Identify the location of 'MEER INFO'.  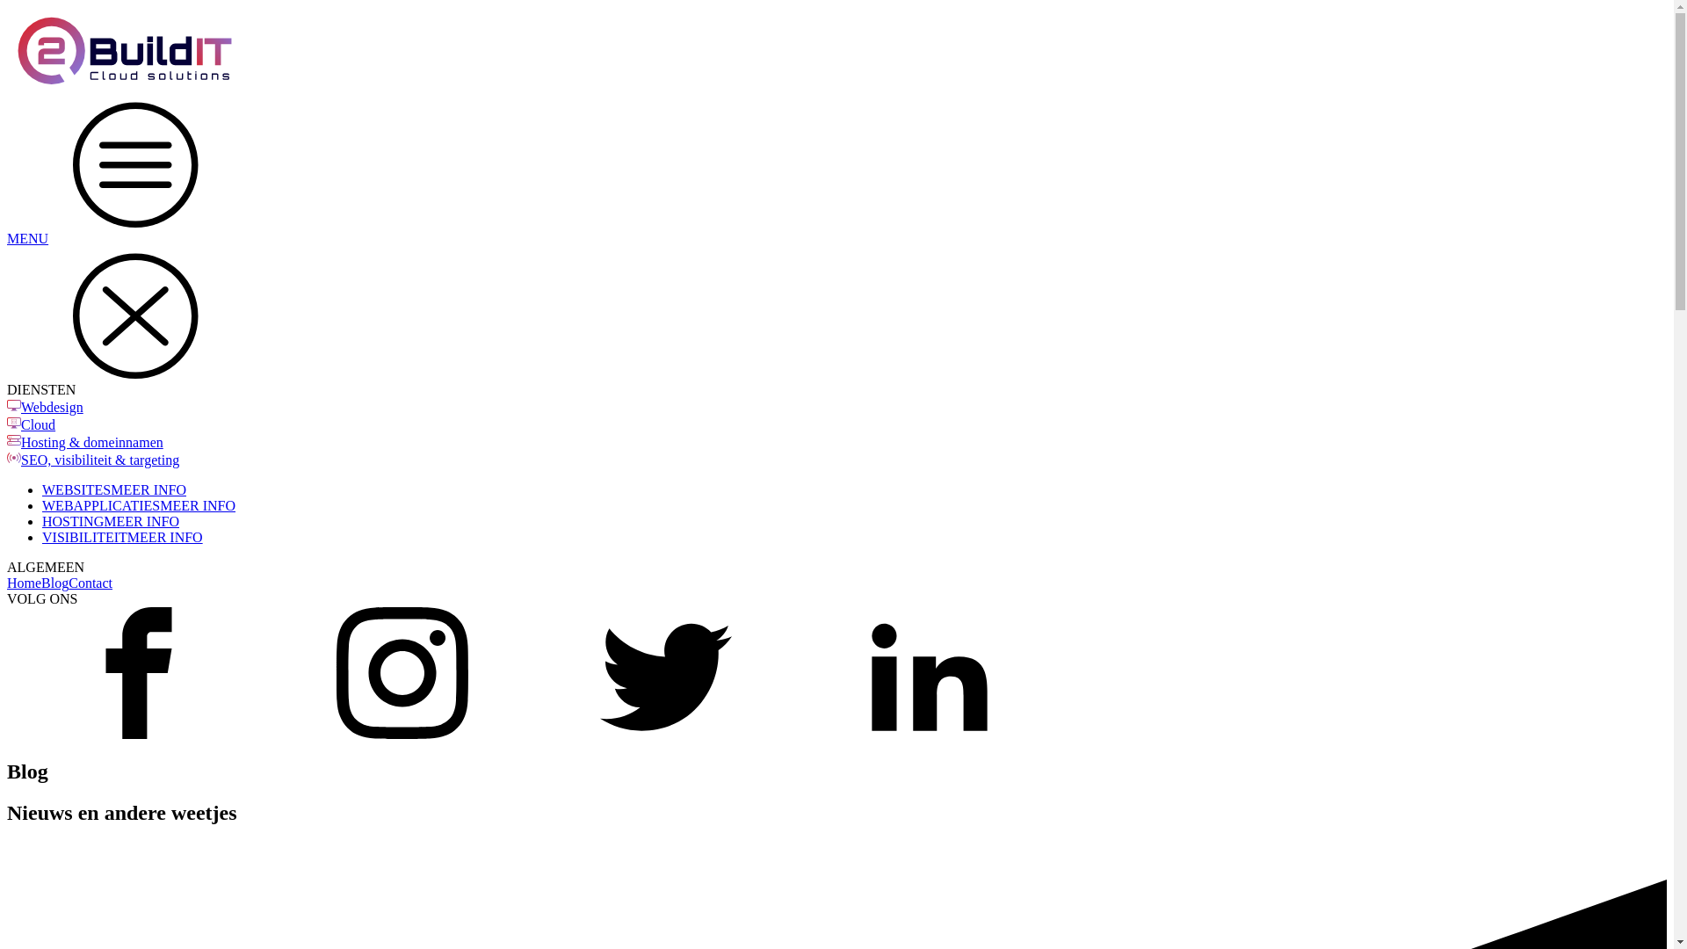
(103, 520).